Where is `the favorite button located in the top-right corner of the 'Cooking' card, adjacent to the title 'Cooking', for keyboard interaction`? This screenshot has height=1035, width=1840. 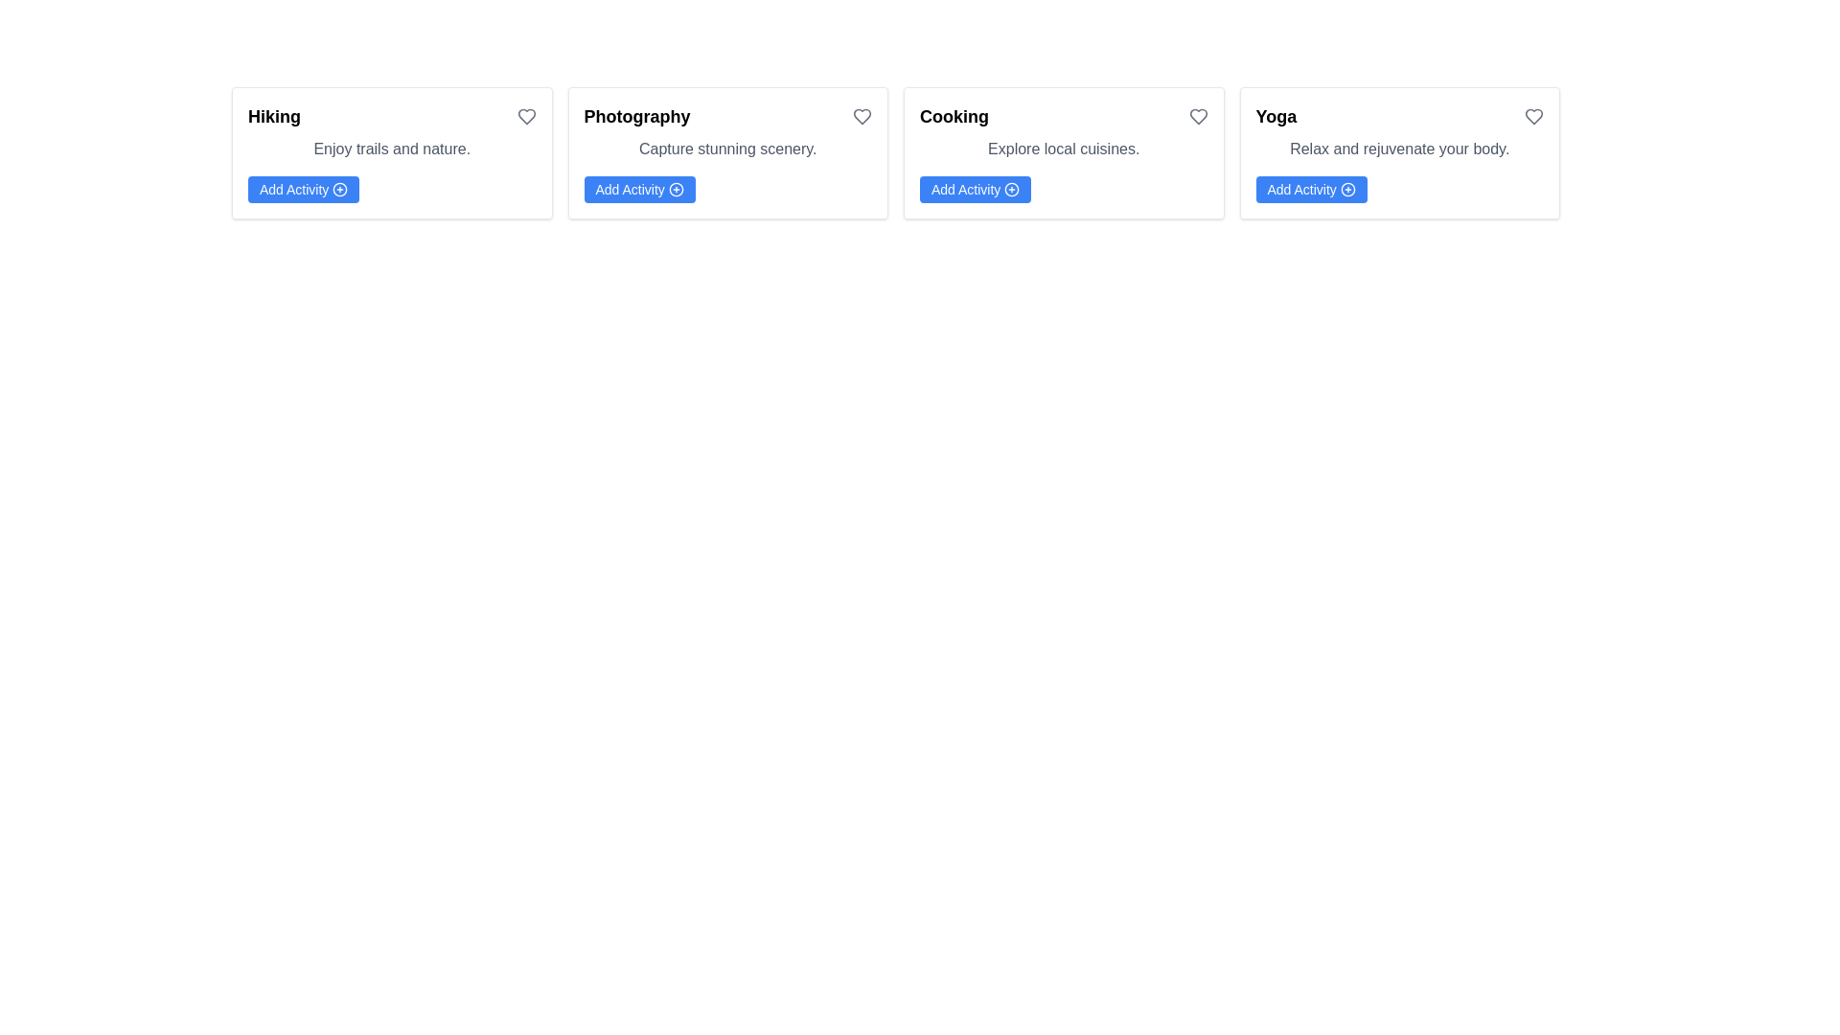 the favorite button located in the top-right corner of the 'Cooking' card, adjacent to the title 'Cooking', for keyboard interaction is located at coordinates (1197, 117).